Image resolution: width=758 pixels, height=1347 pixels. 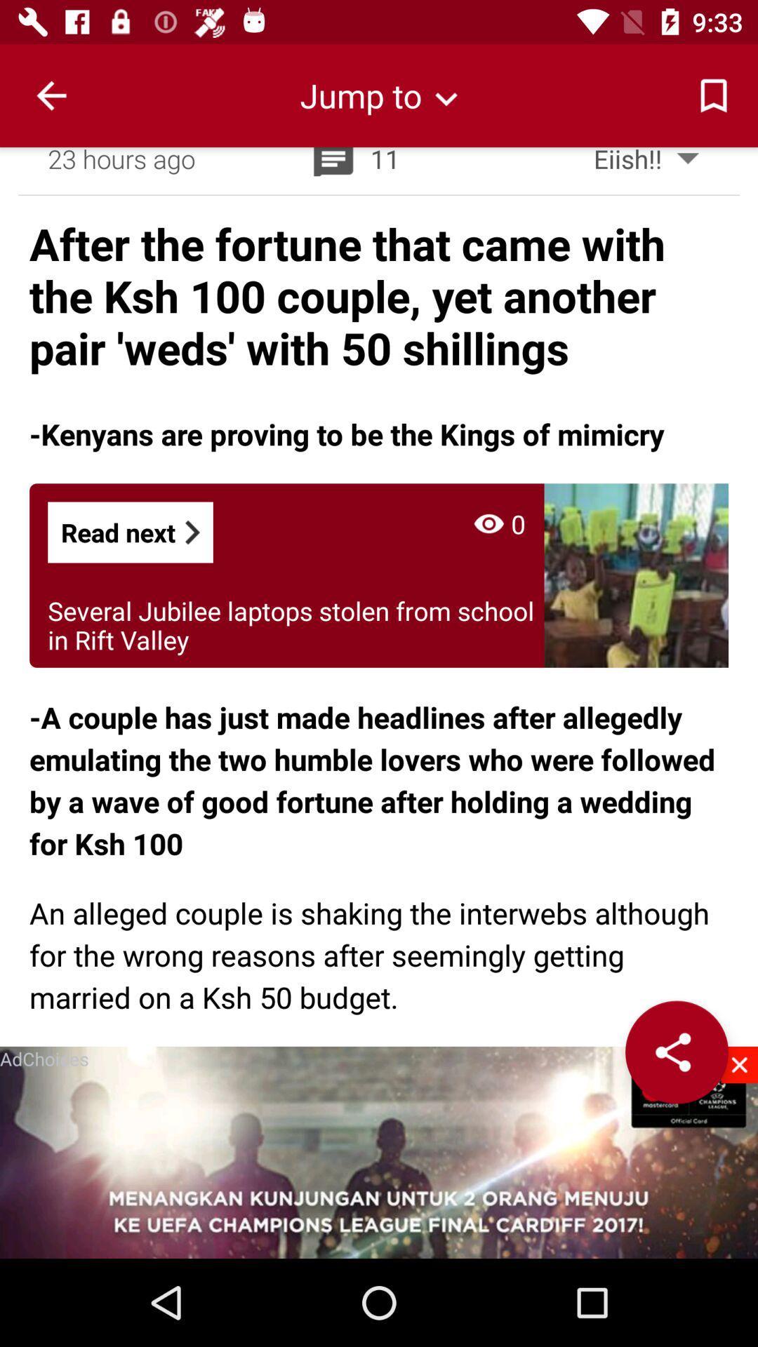 I want to click on the close icon, so click(x=738, y=1064).